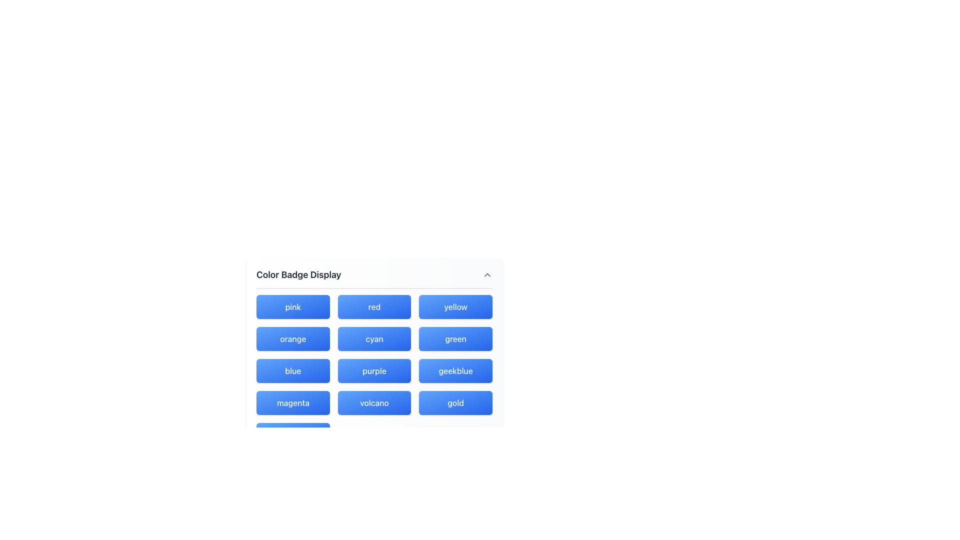 The width and height of the screenshot is (960, 540). Describe the element at coordinates (373, 402) in the screenshot. I see `the blue gradient button labeled 'volcano'` at that location.